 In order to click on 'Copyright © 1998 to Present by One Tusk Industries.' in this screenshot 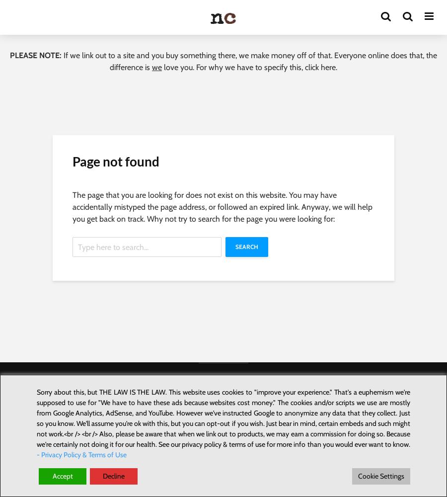, I will do `click(223, 380)`.